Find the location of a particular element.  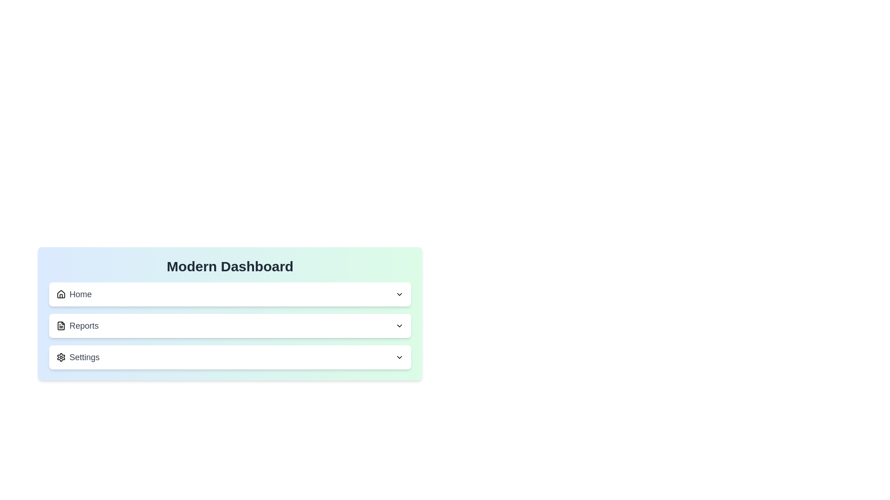

the compact SVG icon representing a file with text lines, located to the left of the 'Reports' label is located at coordinates (61, 325).